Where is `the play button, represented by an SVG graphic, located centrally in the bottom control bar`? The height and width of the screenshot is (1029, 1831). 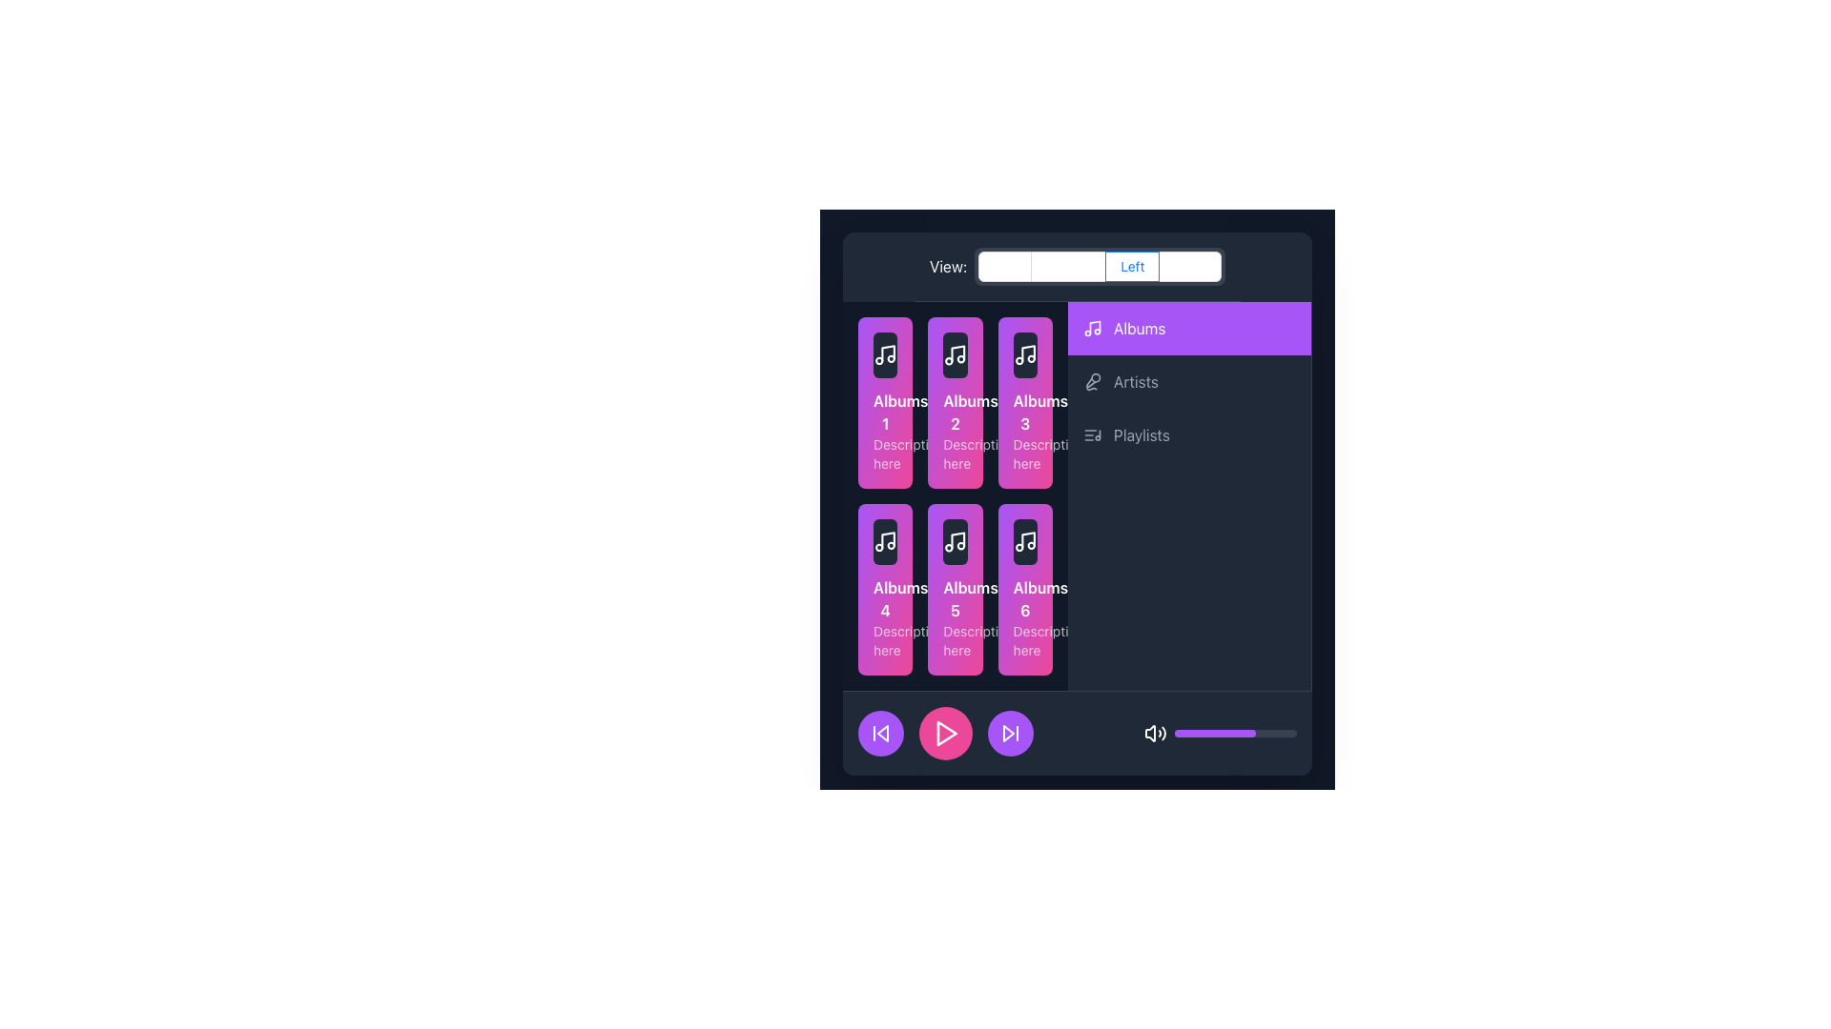 the play button, represented by an SVG graphic, located centrally in the bottom control bar is located at coordinates (946, 733).